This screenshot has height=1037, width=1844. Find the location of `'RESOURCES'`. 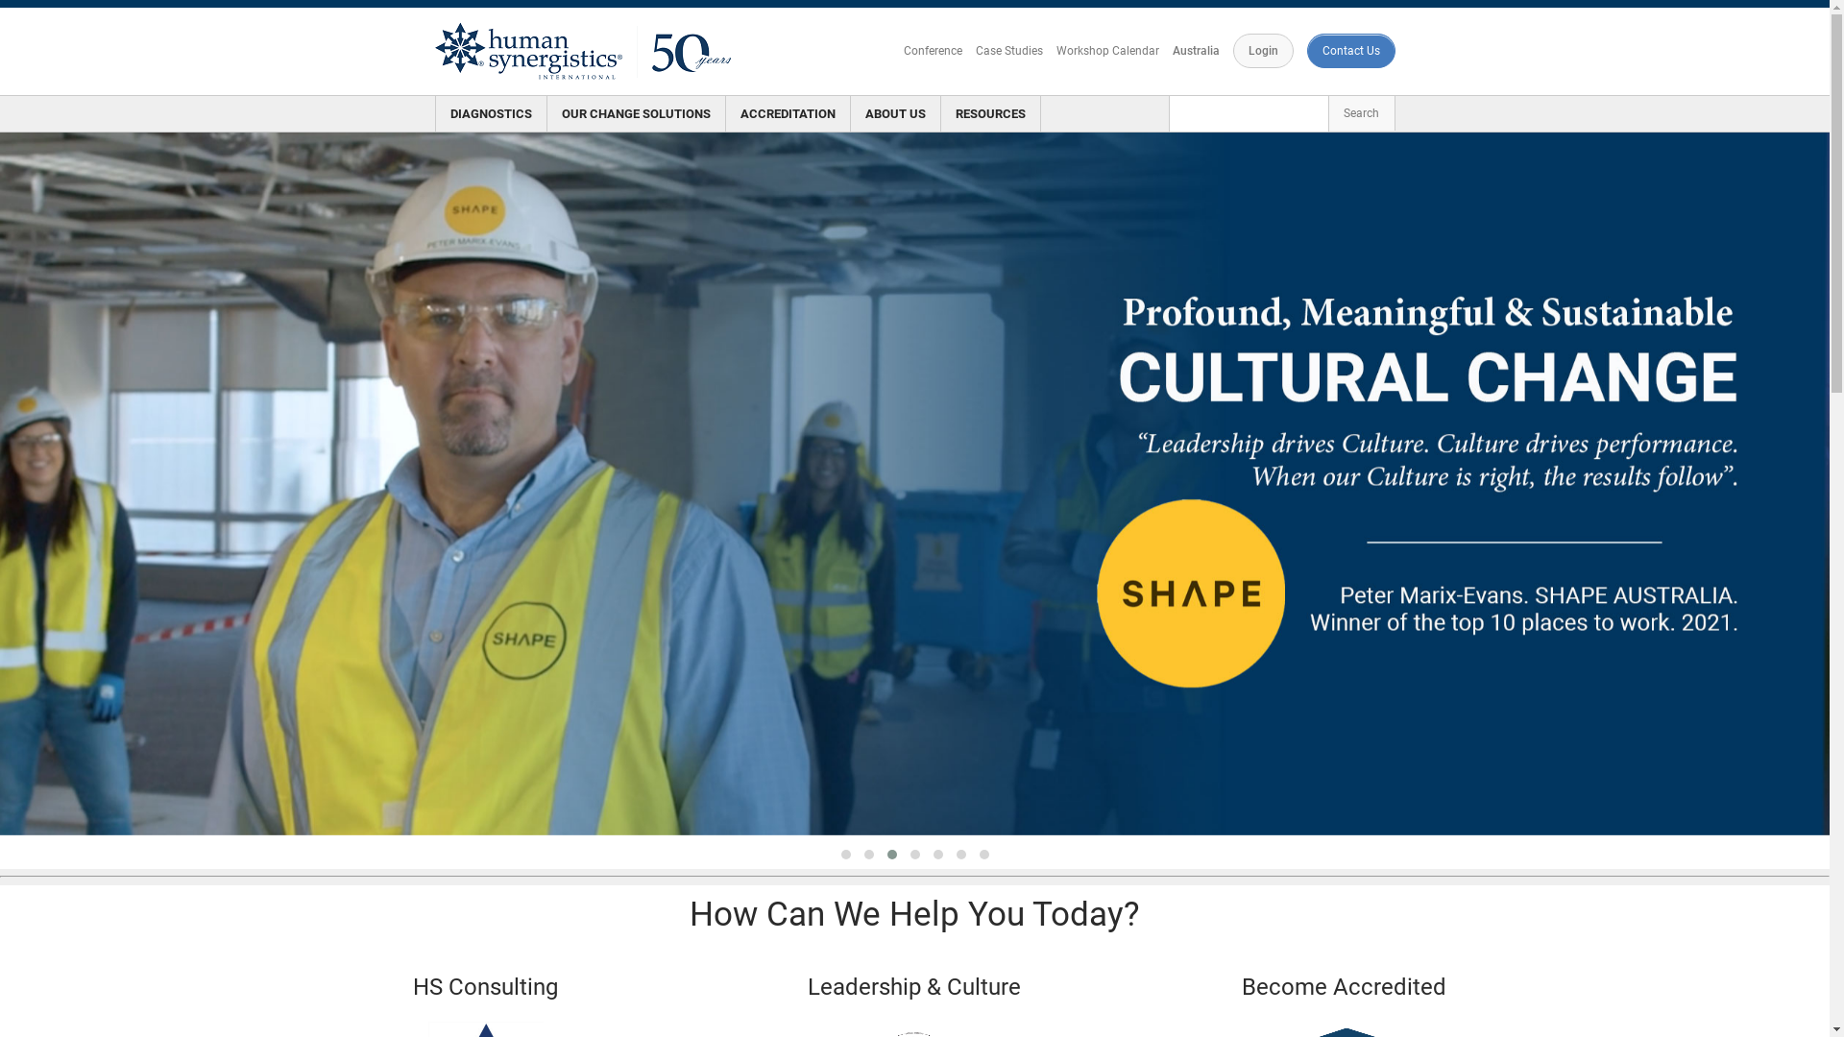

'RESOURCES' is located at coordinates (990, 113).